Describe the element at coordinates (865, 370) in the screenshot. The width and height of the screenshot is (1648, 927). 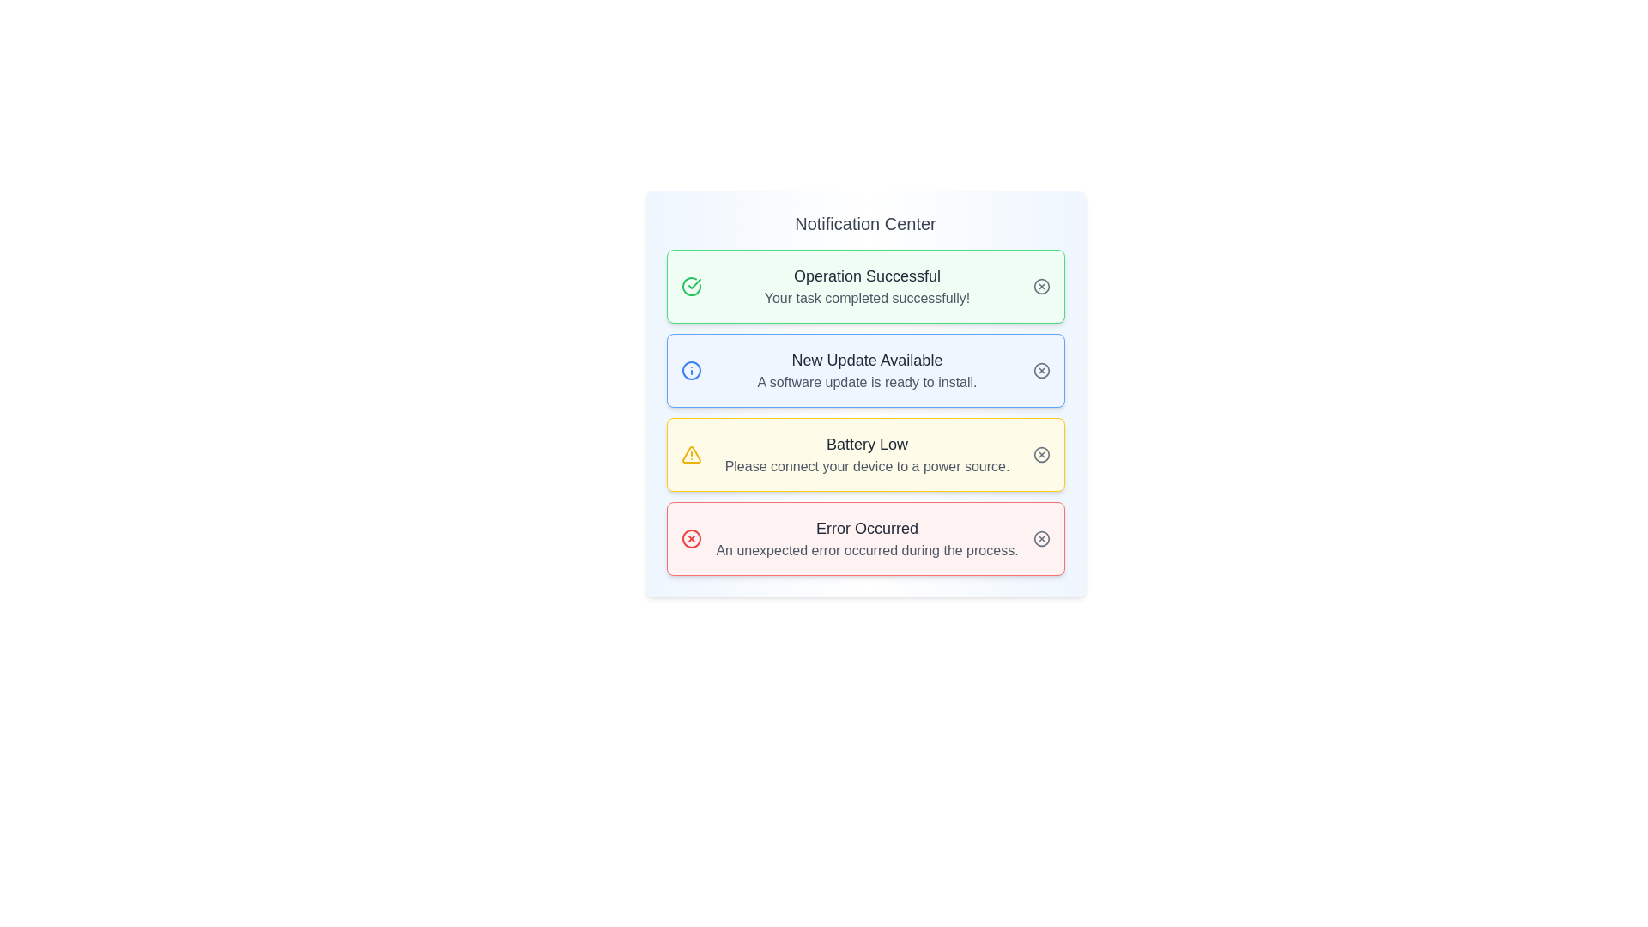
I see `the second notification message box in the 'Notification Center' panel` at that location.